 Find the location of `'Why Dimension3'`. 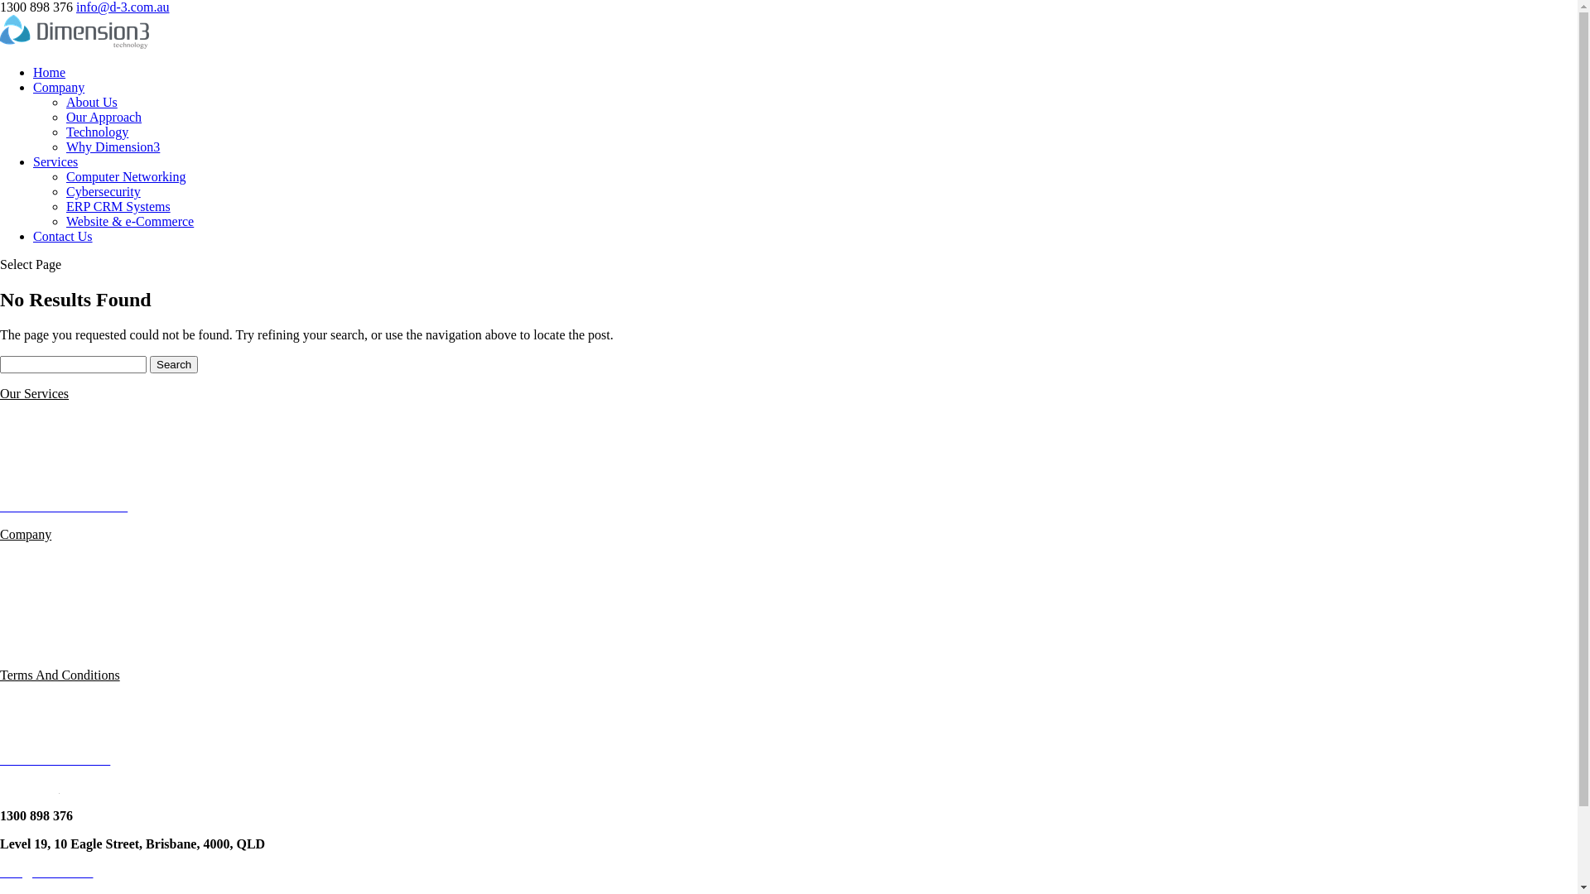

'Why Dimension3' is located at coordinates (66, 146).